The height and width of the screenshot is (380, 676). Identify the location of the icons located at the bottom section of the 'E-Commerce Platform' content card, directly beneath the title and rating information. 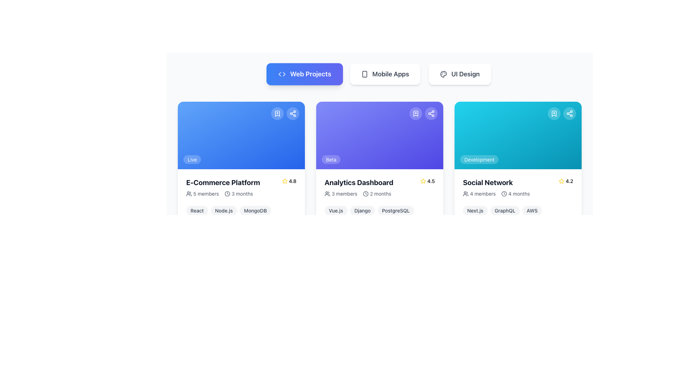
(241, 194).